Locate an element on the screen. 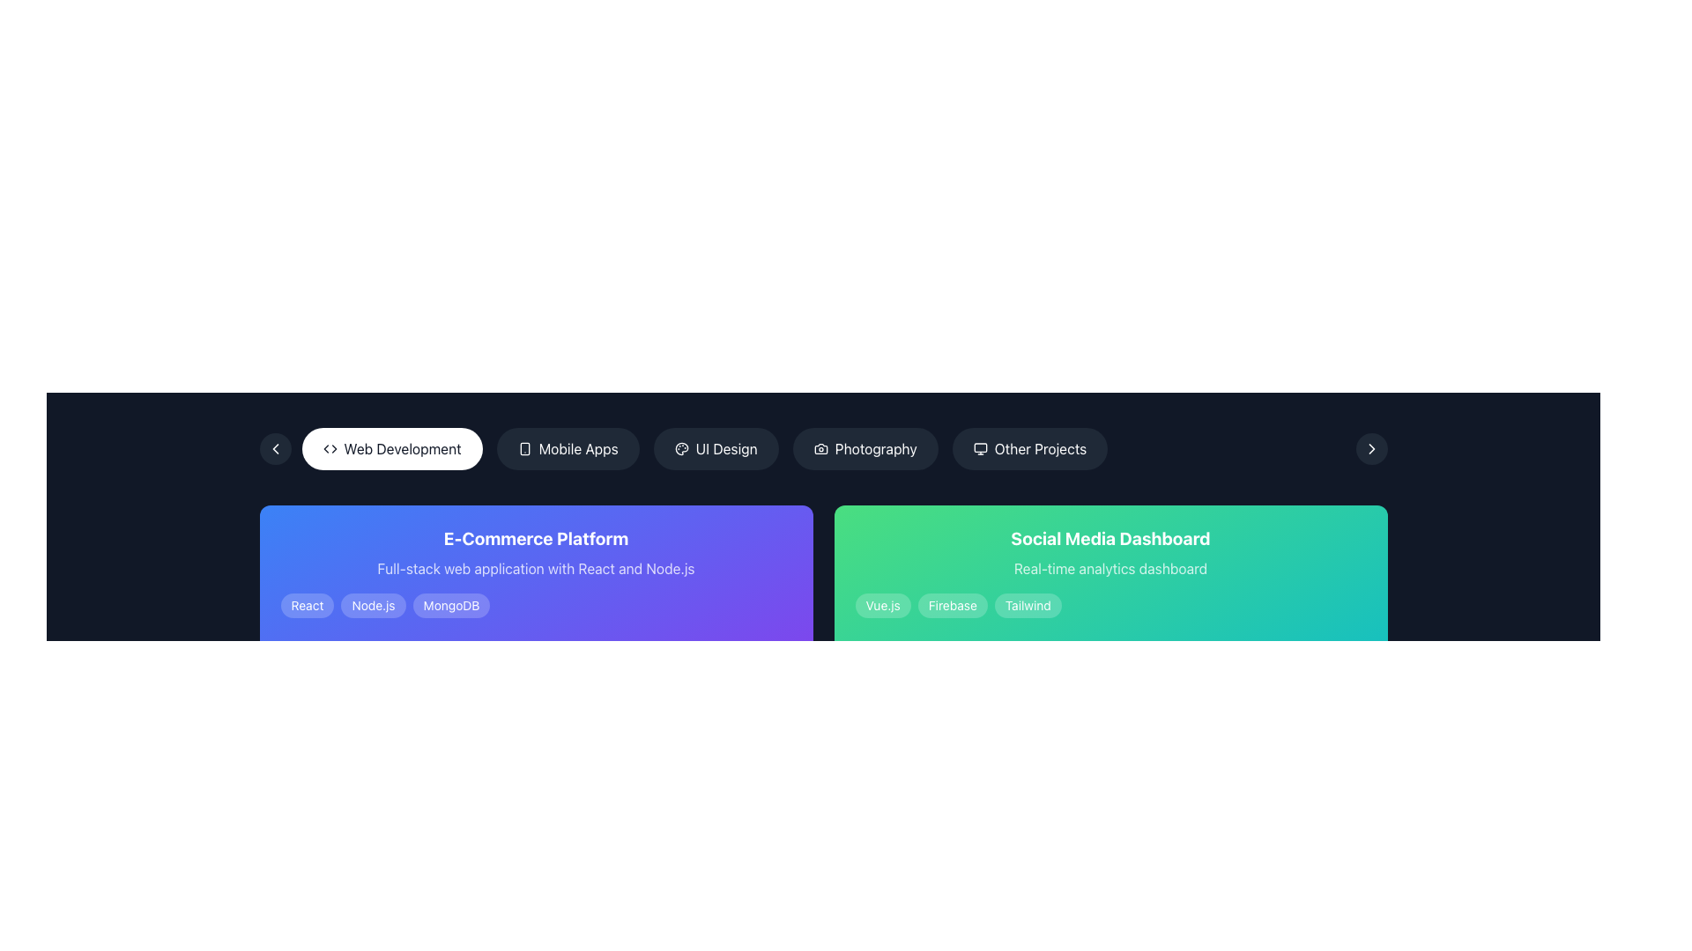 This screenshot has width=1692, height=951. the decorative icon representing the 'Web Development' category in the navigation menu, which is located at the leftmost position of the menu is located at coordinates (330, 447).